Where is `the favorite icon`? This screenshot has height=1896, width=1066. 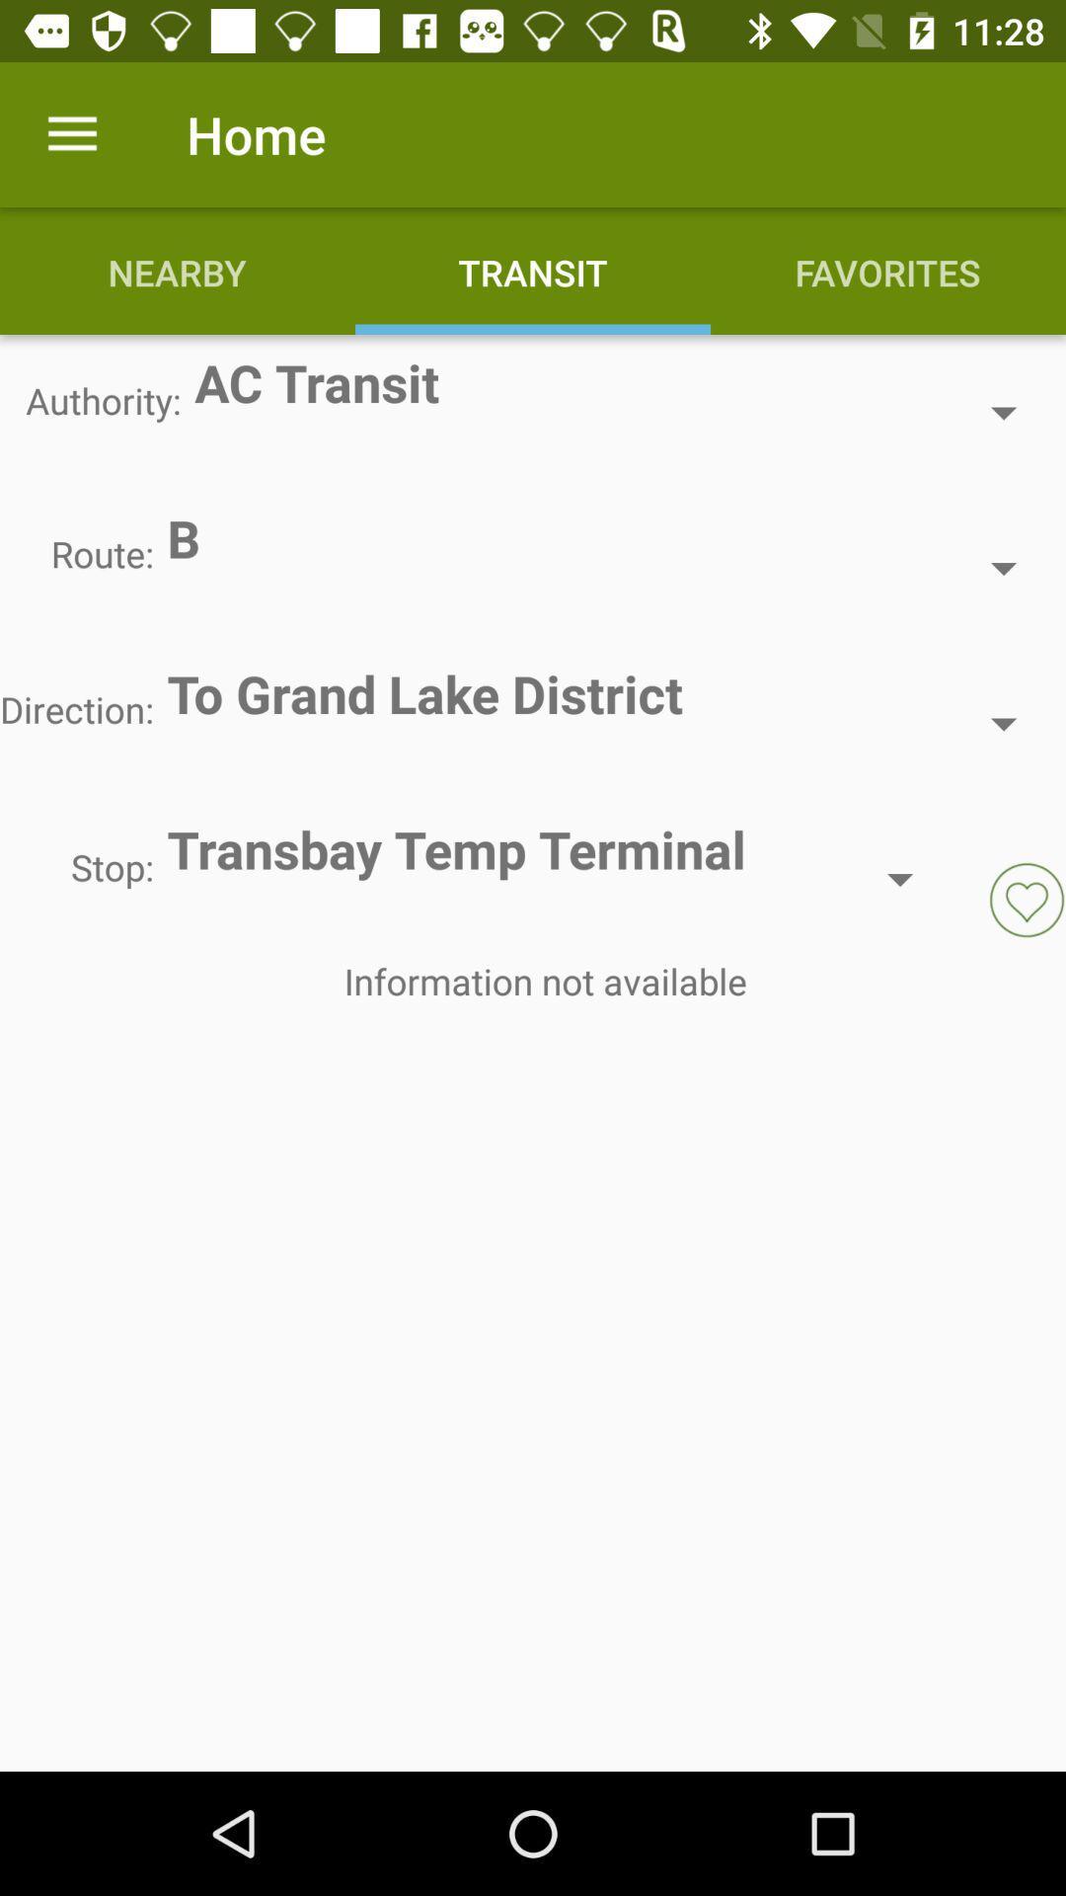 the favorite icon is located at coordinates (1026, 899).